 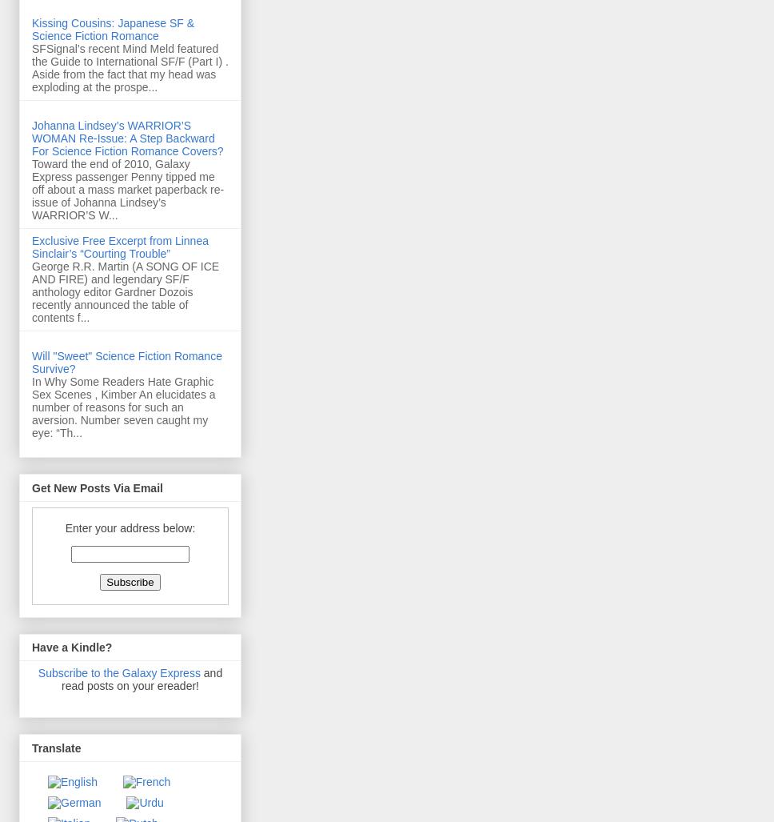 I want to click on 'Get New Posts Via Email', so click(x=31, y=487).